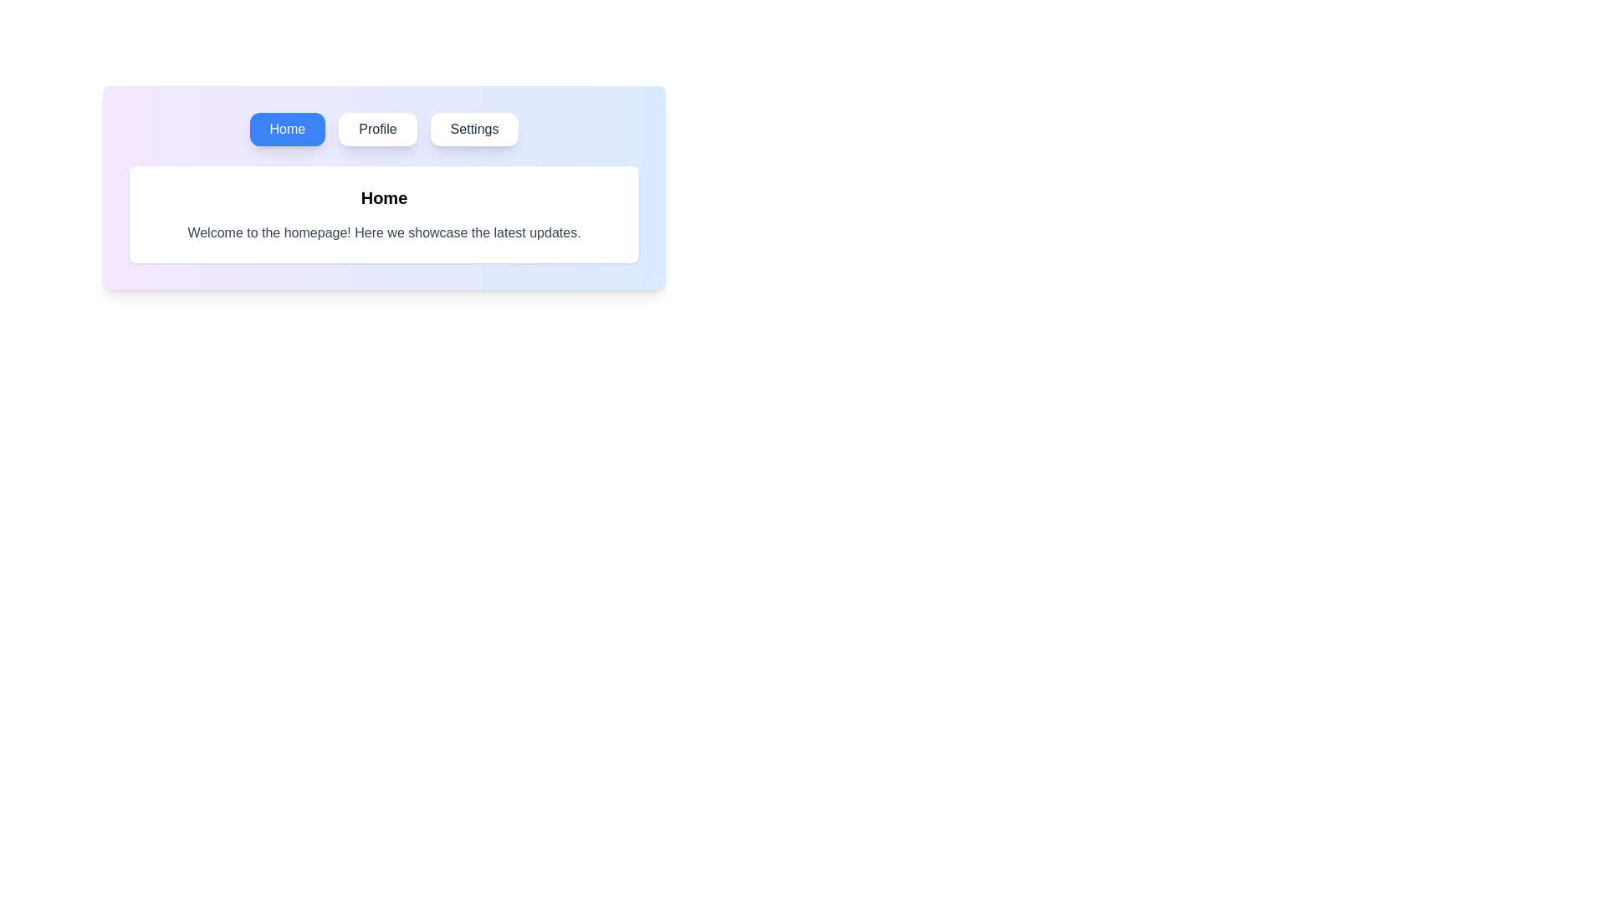 This screenshot has width=1606, height=903. Describe the element at coordinates (376, 128) in the screenshot. I see `the tab labeled Profile to preview its hover state` at that location.